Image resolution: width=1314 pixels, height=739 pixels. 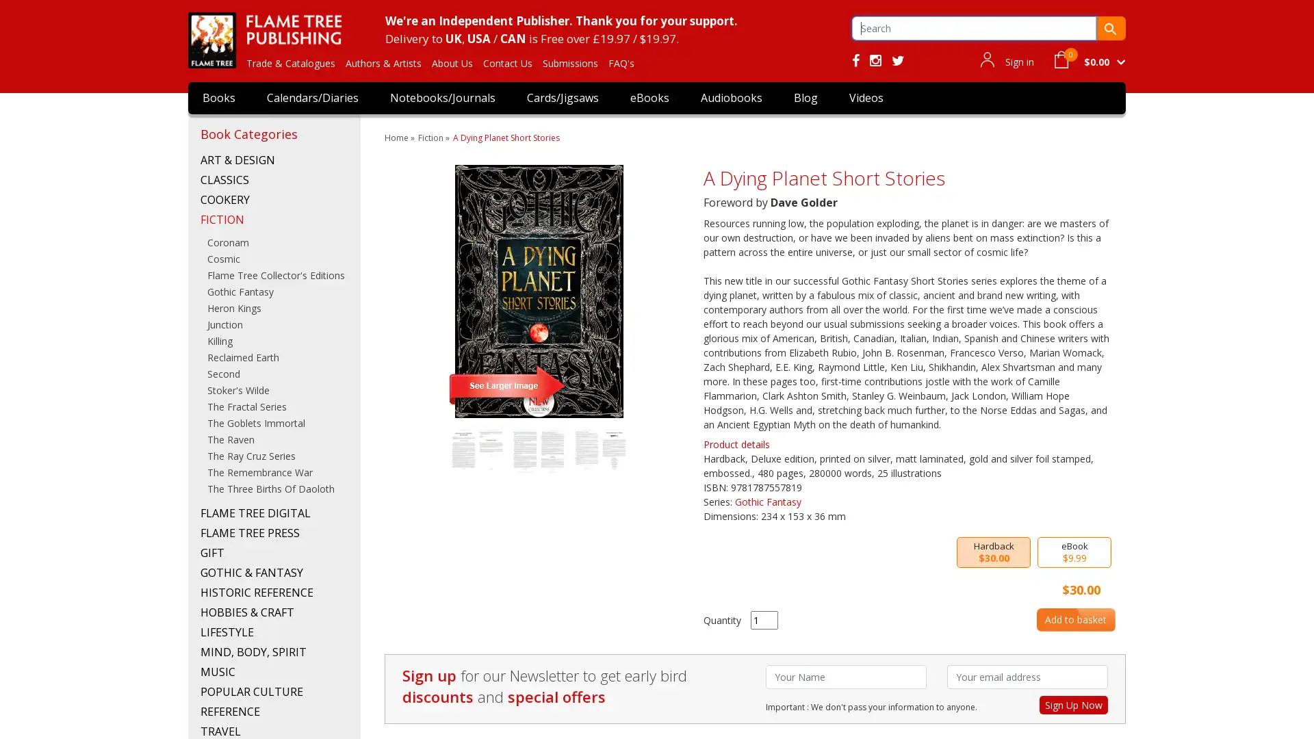 I want to click on Sign Up Now, so click(x=1073, y=705).